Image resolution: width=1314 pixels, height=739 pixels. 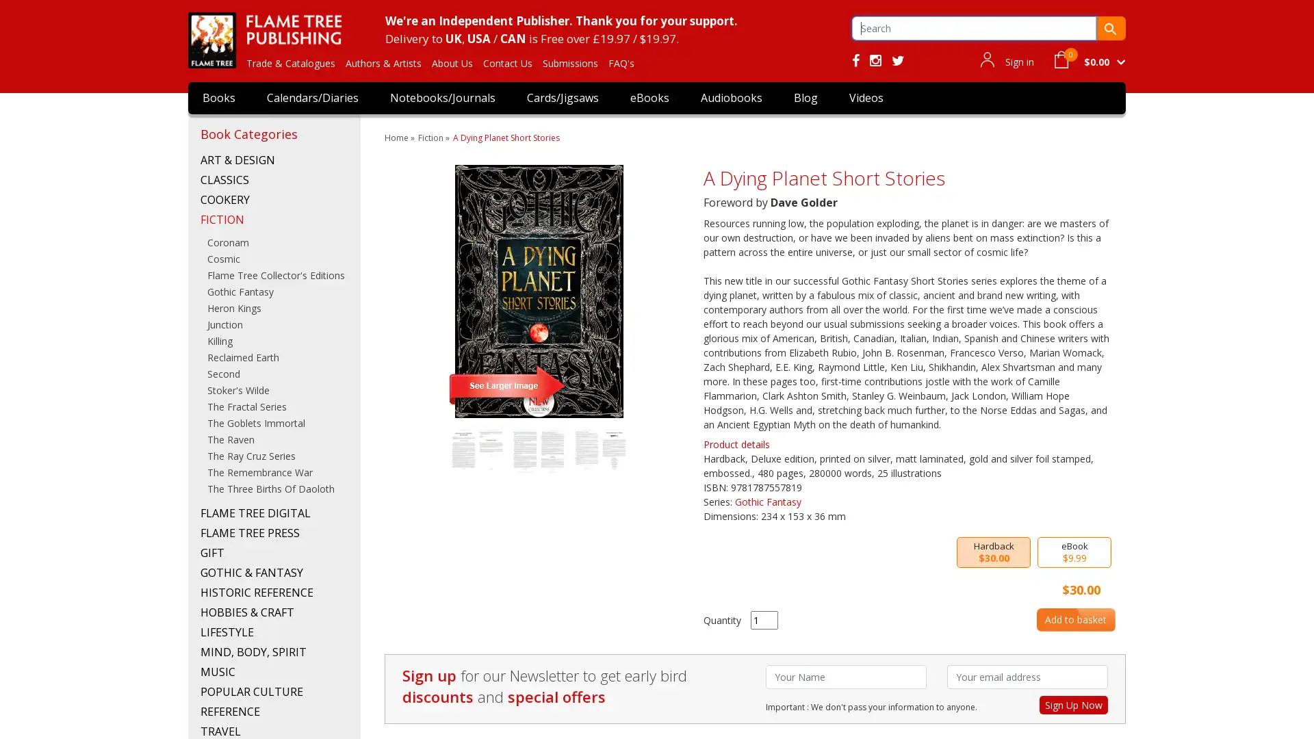 I want to click on Sign Up Now, so click(x=1073, y=705).